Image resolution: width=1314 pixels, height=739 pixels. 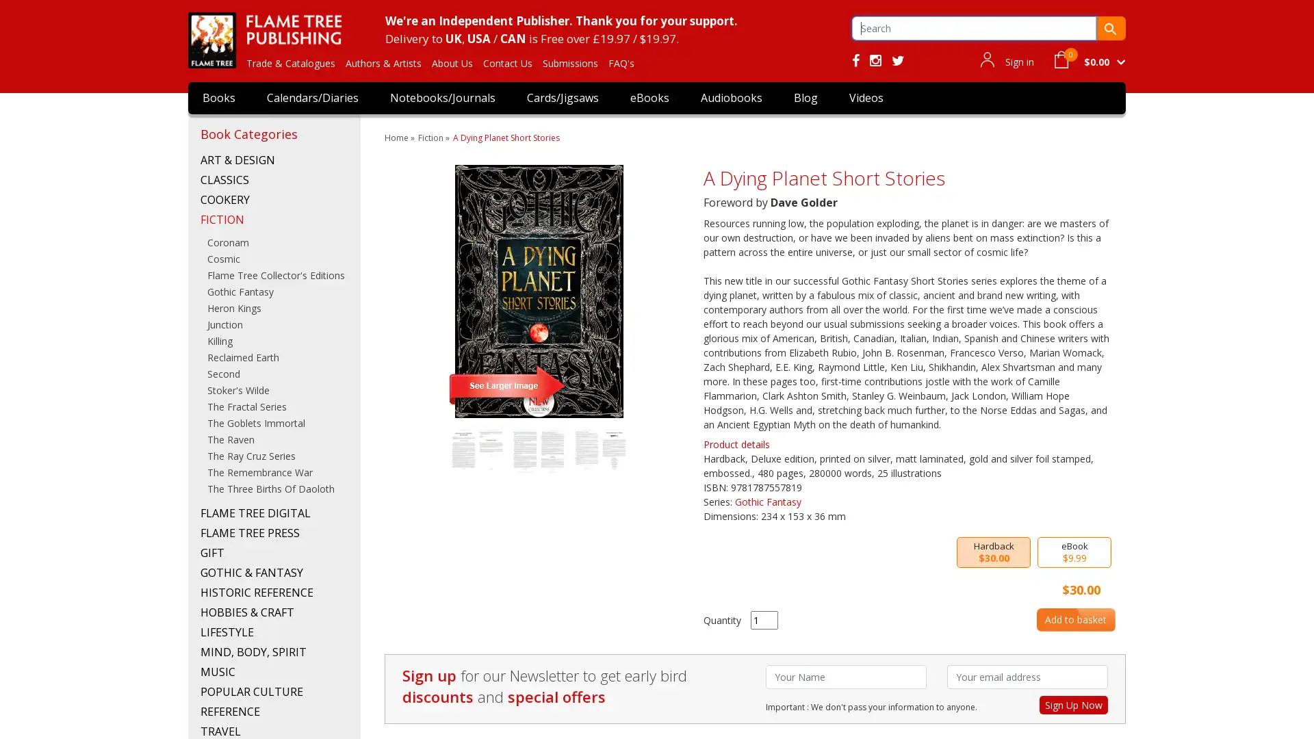 I want to click on Sign Up Now, so click(x=1073, y=705).